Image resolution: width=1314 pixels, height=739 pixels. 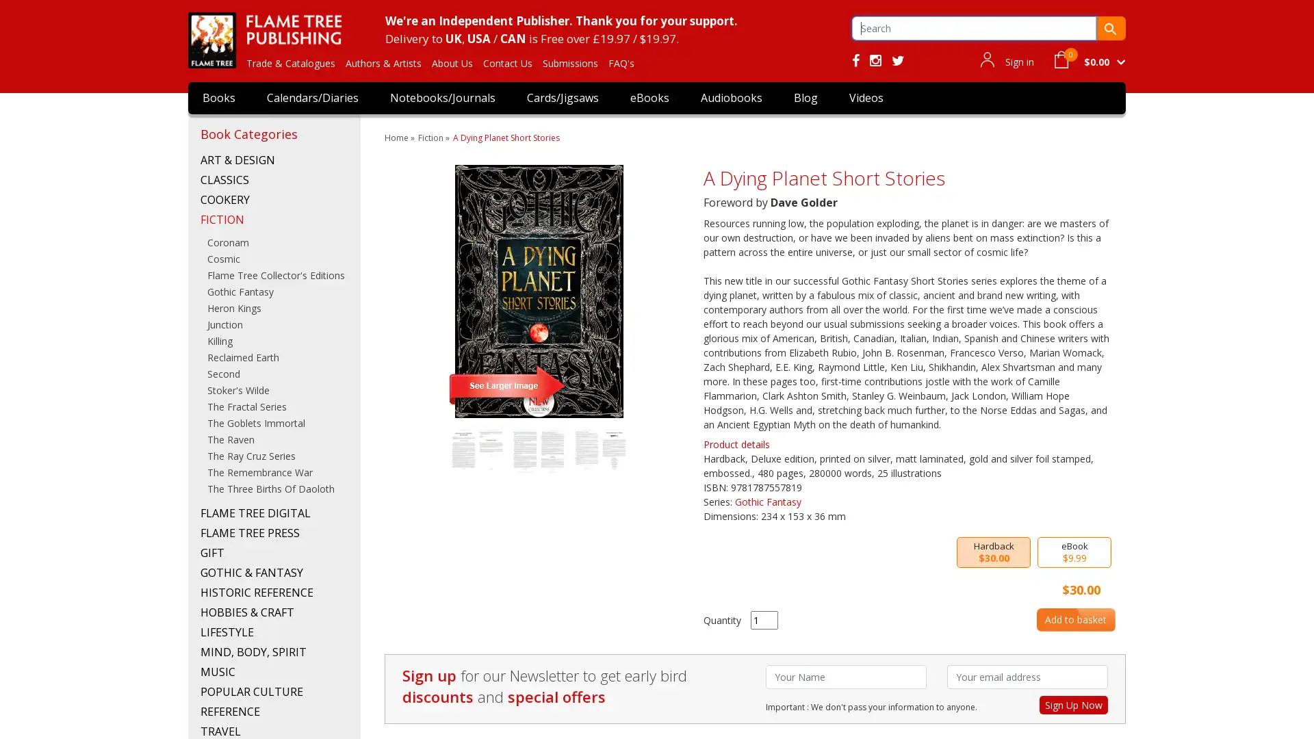 I want to click on Sign Up Now, so click(x=1073, y=705).